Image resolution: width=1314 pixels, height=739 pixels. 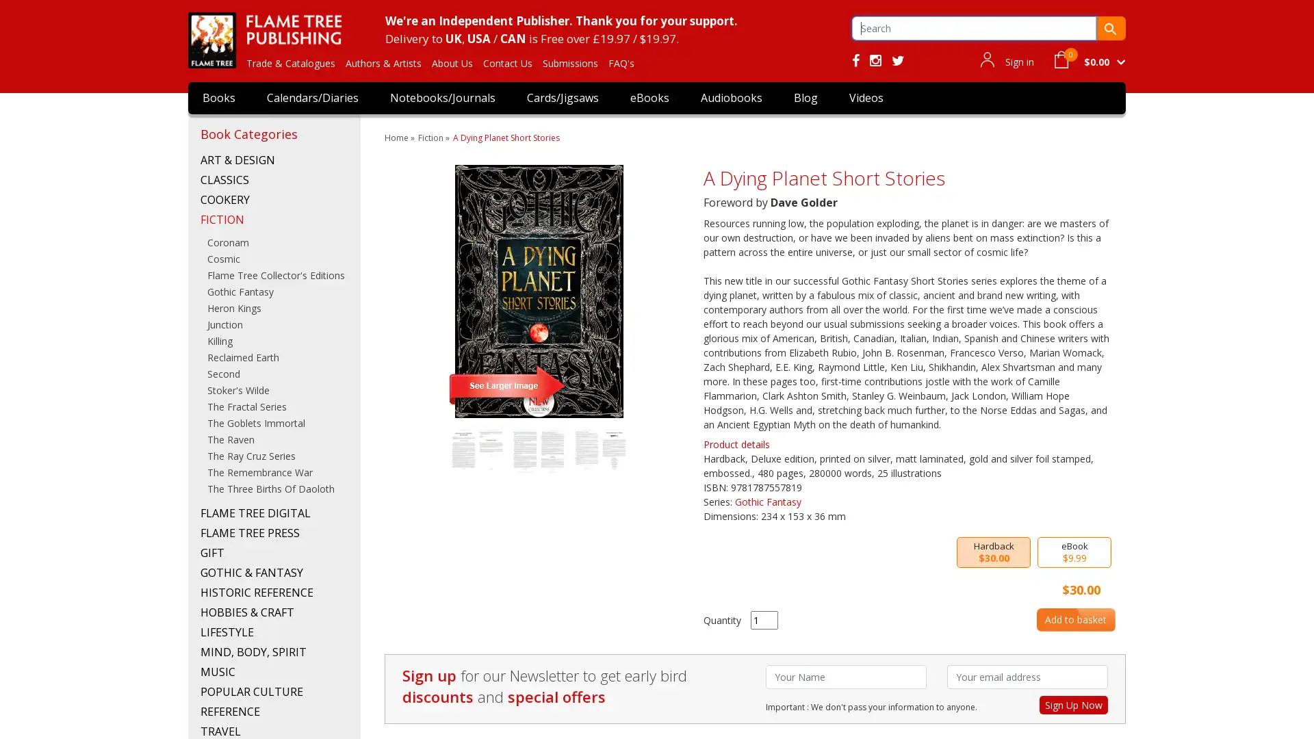 I want to click on Sign Up Now, so click(x=1073, y=705).